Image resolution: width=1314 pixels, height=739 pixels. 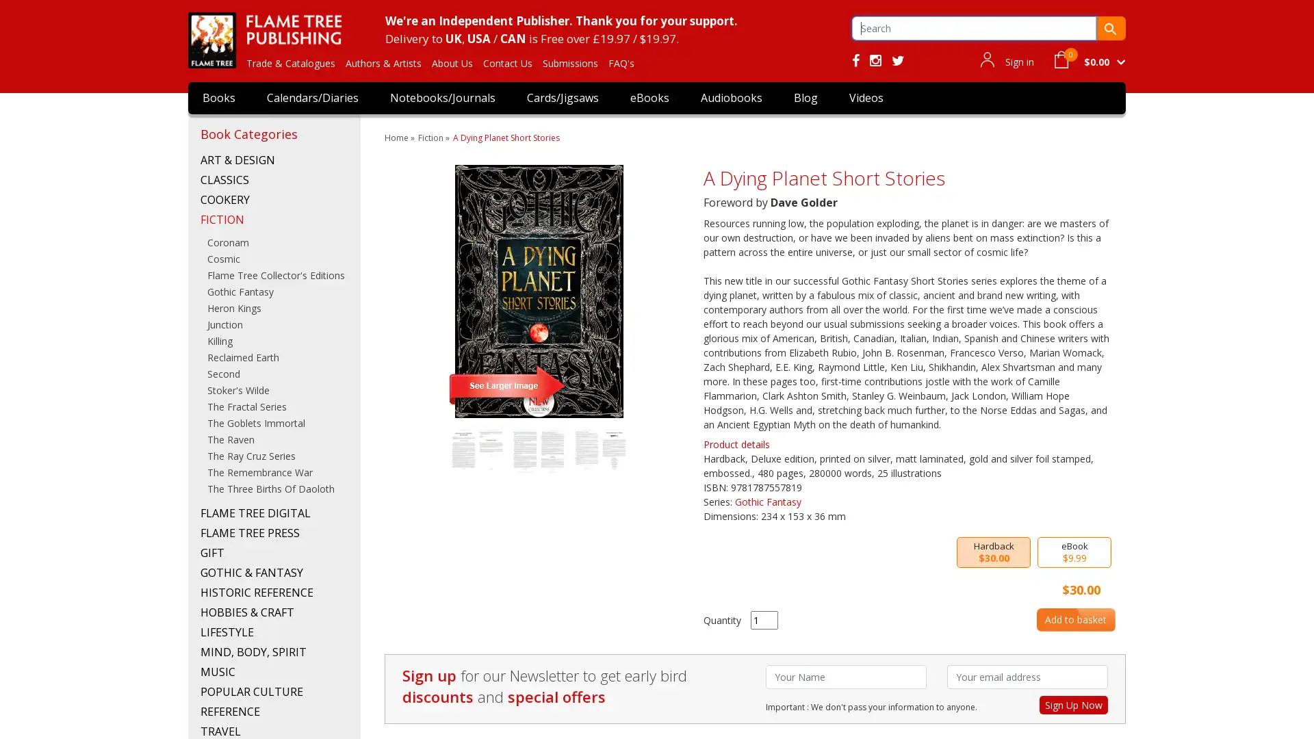 I want to click on Sign Up Now, so click(x=1073, y=705).